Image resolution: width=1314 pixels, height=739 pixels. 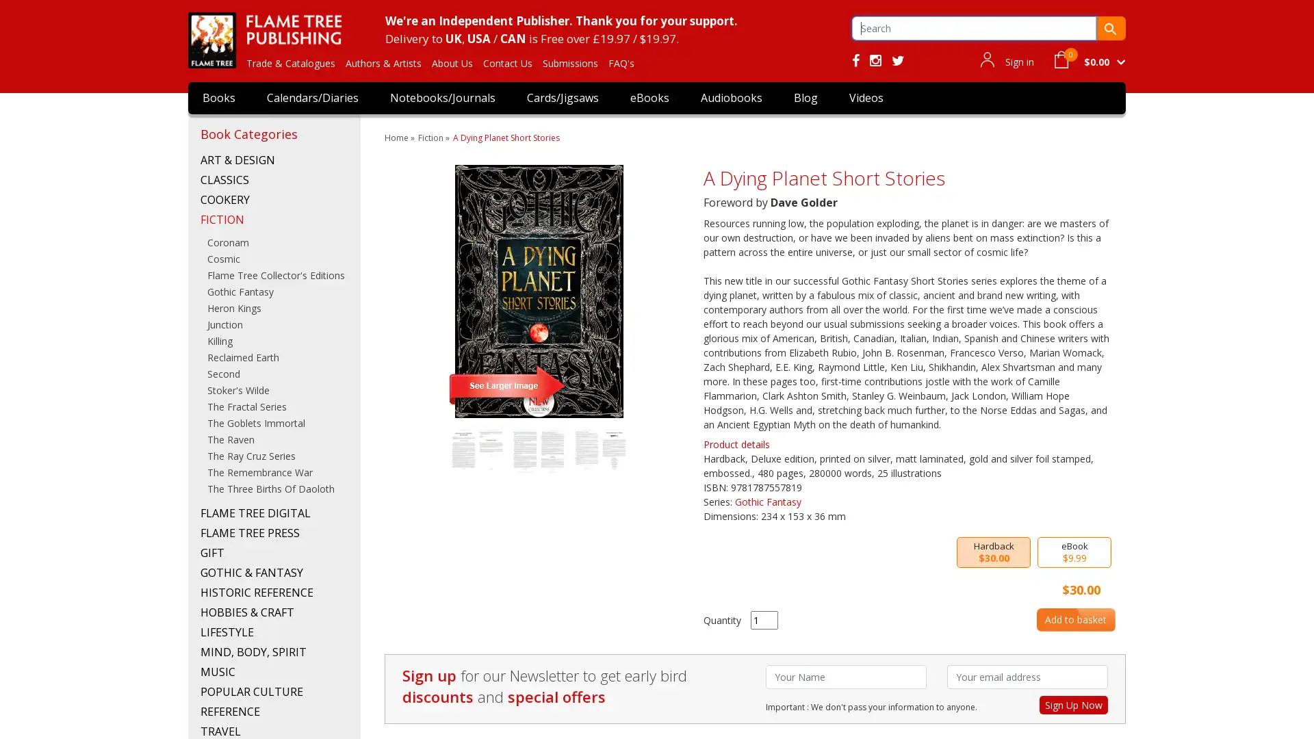 I want to click on Sign Up Now, so click(x=1073, y=705).